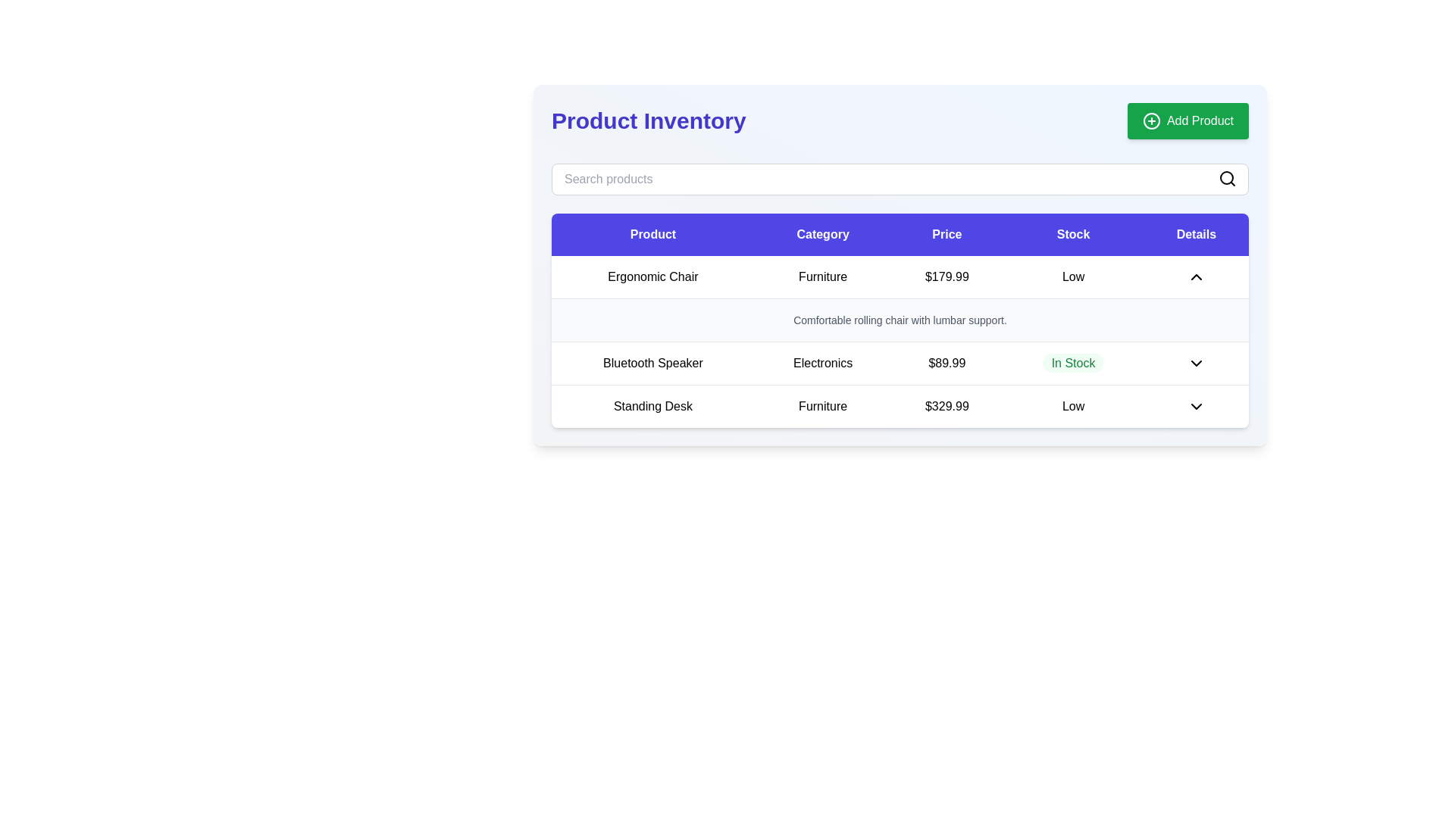 The image size is (1455, 818). I want to click on the downward-pointing black chevron icon, so click(1195, 405).